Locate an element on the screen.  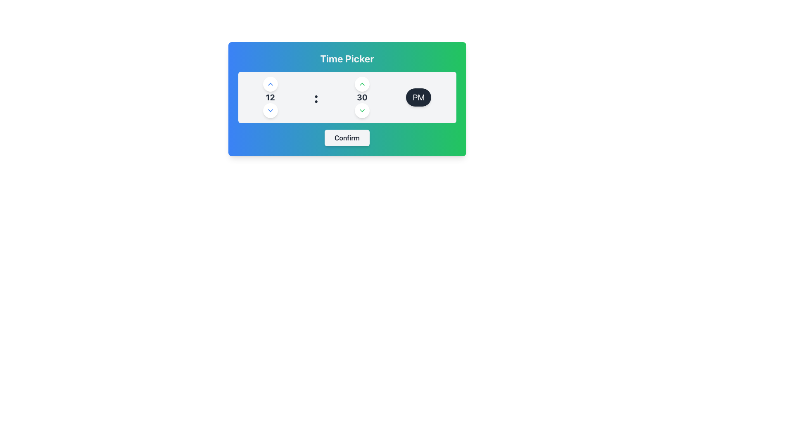
the Time Picker Control, which displays a time format with numeric segments for hours and minutes, and includes up and down arrow buttons for adjustments is located at coordinates (347, 97).